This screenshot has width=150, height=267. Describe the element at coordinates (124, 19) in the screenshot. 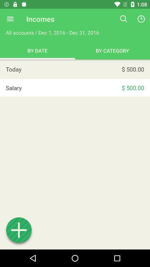

I see `app next to the all accounts dec icon` at that location.